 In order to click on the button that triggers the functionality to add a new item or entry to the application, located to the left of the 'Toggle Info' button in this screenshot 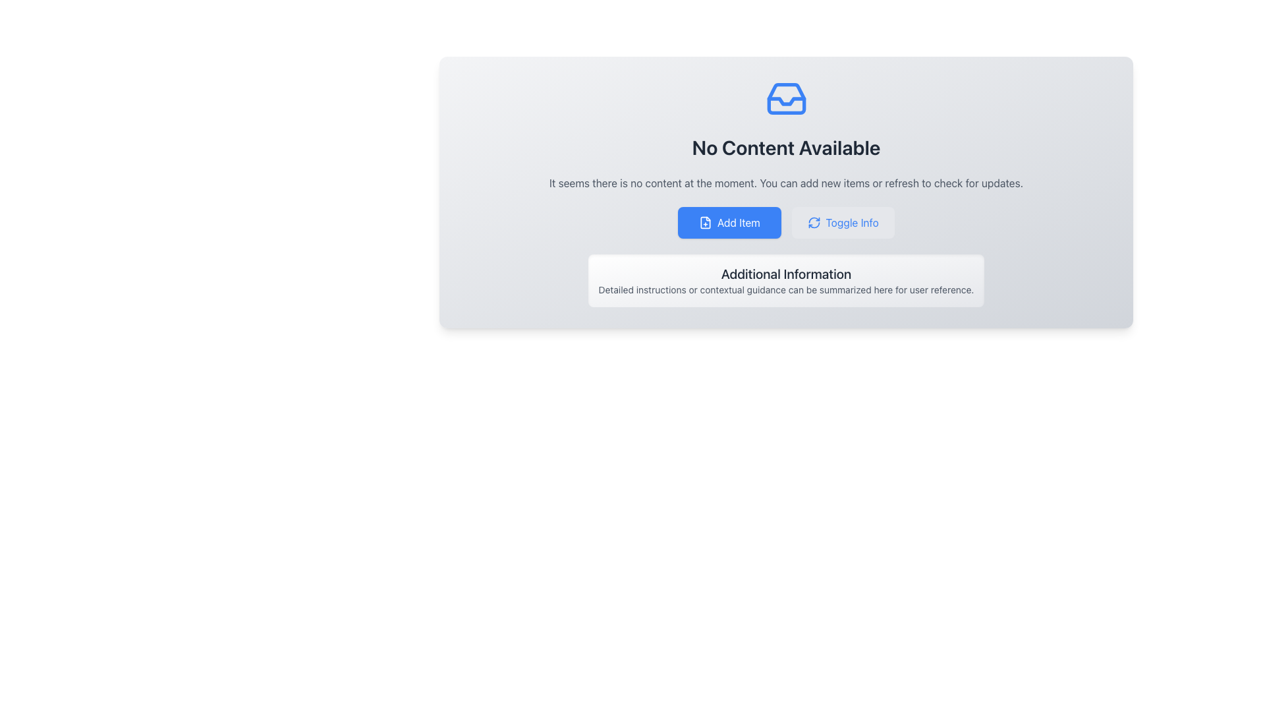, I will do `click(729, 222)`.